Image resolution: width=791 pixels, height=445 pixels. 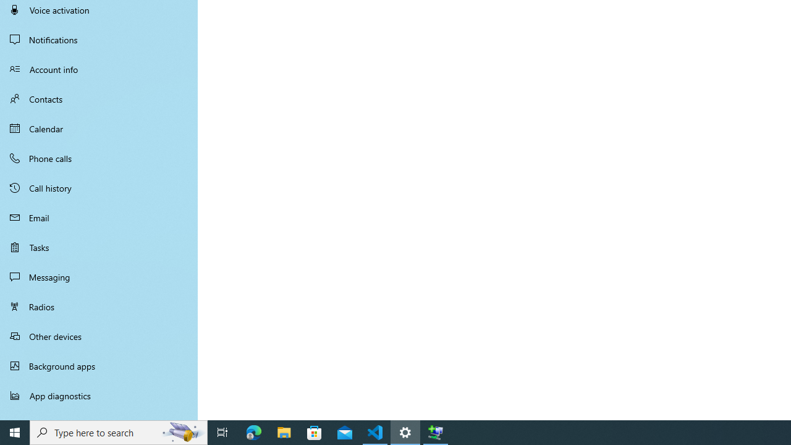 I want to click on 'Radios', so click(x=99, y=306).